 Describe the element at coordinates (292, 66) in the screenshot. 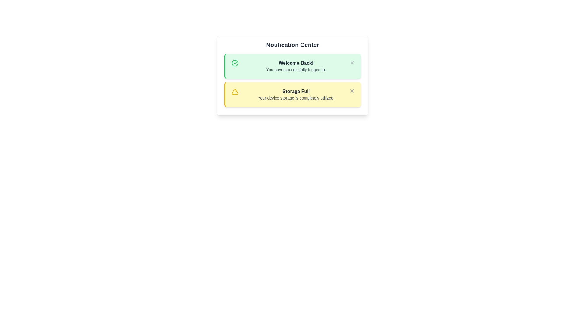

I see `the notification titled 'Welcome Back!' to read its details` at that location.